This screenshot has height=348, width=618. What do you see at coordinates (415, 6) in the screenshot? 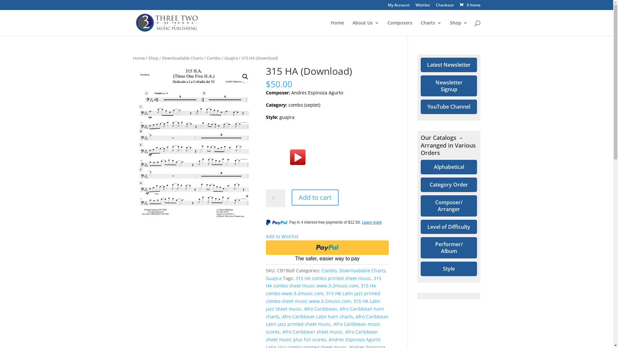
I see `'Wishlist'` at bounding box center [415, 6].